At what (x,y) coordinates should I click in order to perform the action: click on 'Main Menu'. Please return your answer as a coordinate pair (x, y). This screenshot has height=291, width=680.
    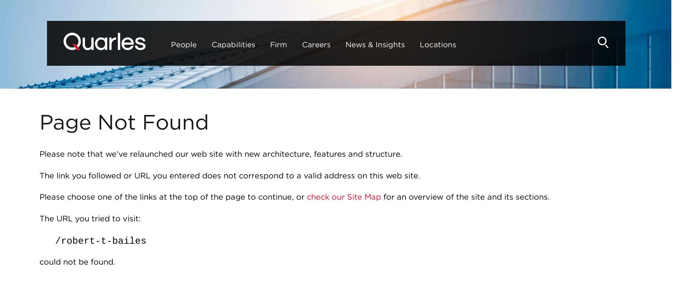
    Looking at the image, I should click on (309, 30).